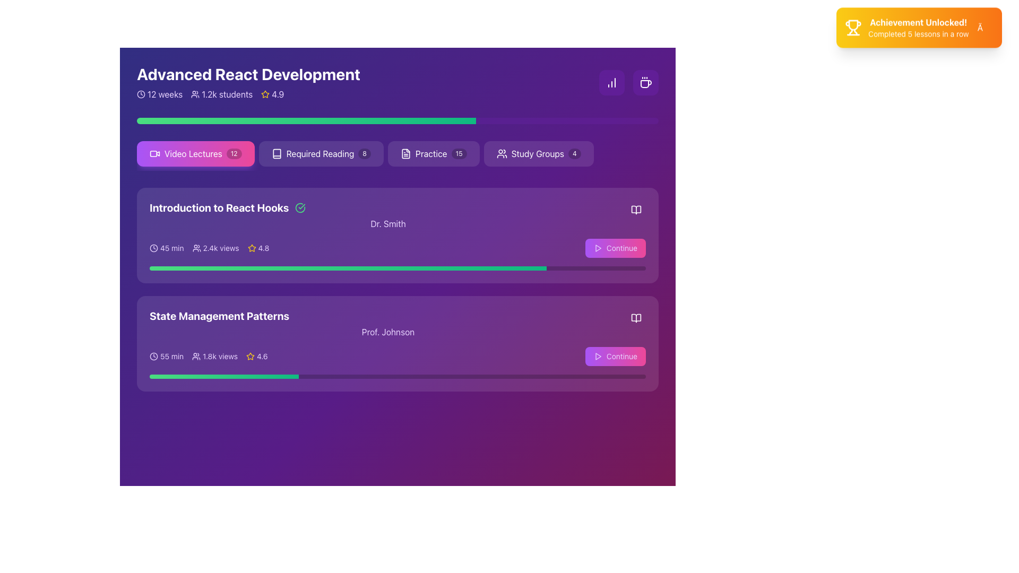 The height and width of the screenshot is (573, 1019). What do you see at coordinates (506, 267) in the screenshot?
I see `slider value` at bounding box center [506, 267].